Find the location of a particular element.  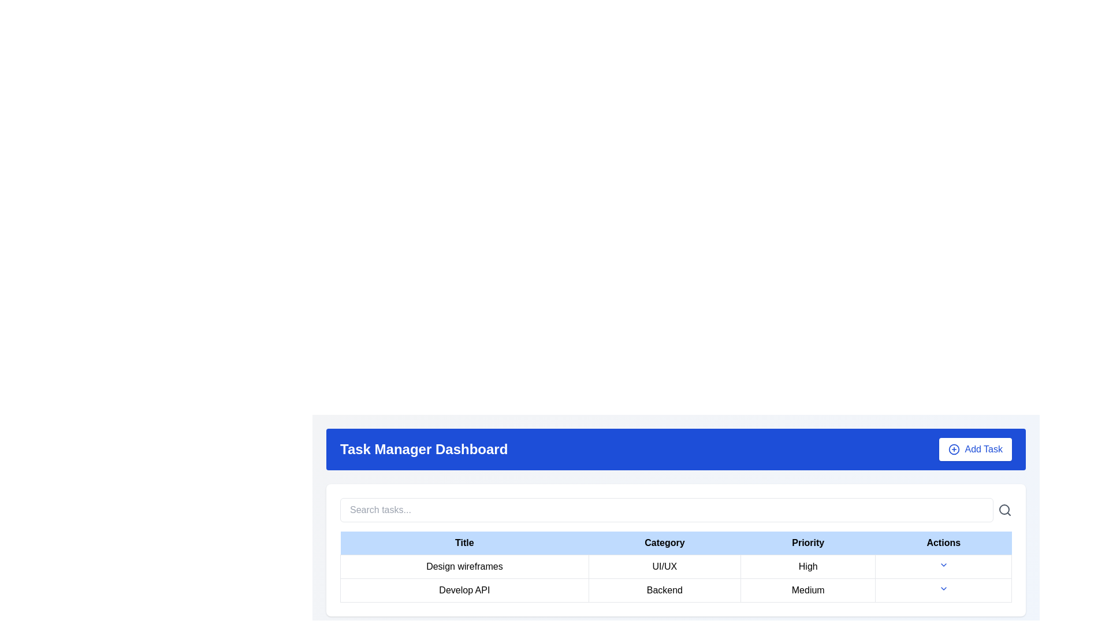

the second row of the table to interact with the specific column related to the task entry is located at coordinates (676, 578).